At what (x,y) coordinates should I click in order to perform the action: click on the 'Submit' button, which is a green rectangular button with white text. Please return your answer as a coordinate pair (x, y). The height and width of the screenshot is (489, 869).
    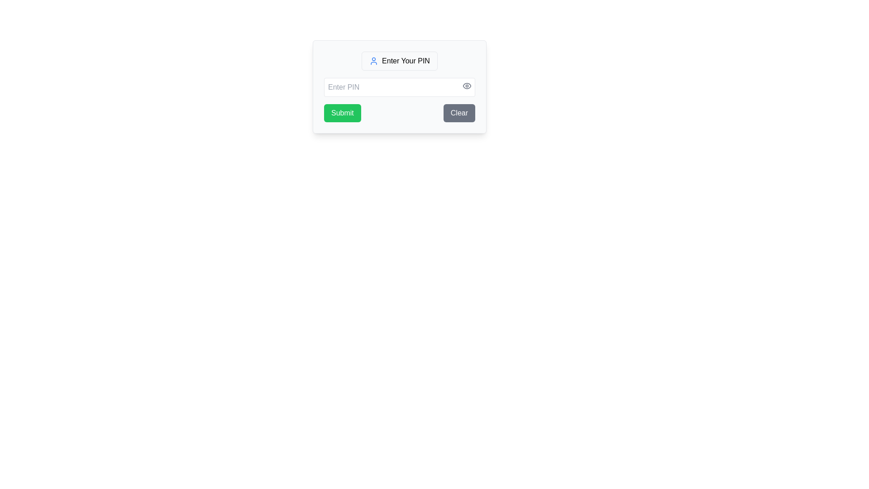
    Looking at the image, I should click on (342, 113).